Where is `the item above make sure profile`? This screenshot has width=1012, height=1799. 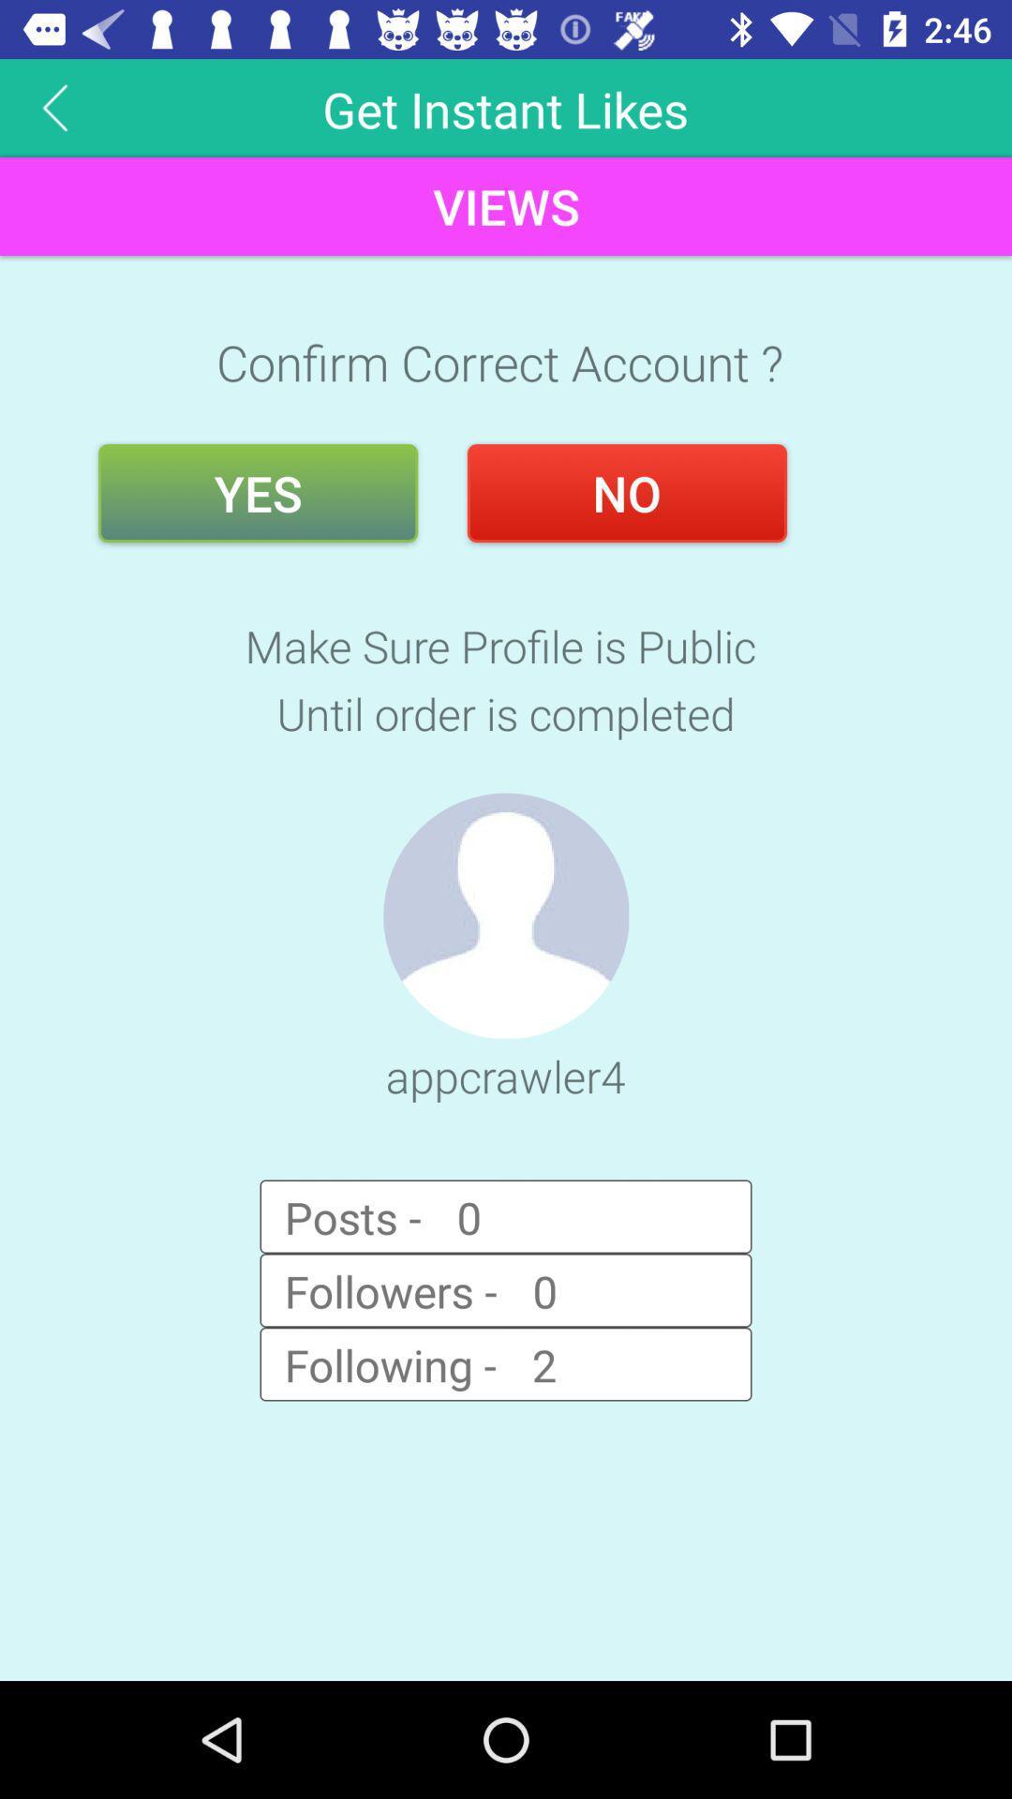 the item above make sure profile is located at coordinates (258, 493).